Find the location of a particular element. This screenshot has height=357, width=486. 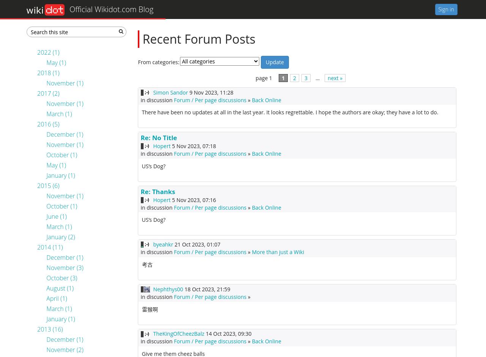

'August (1)' is located at coordinates (59, 287).